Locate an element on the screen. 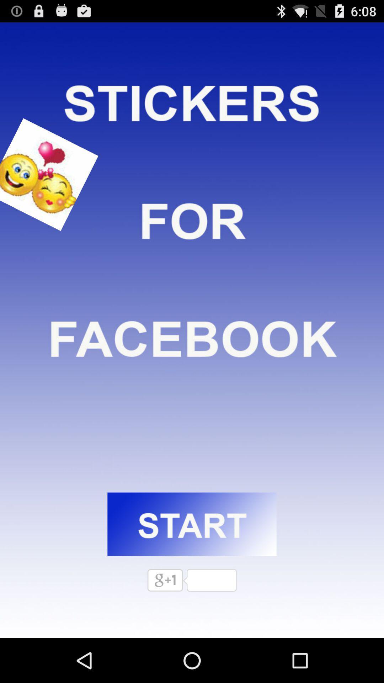  smile is located at coordinates (42, 174).